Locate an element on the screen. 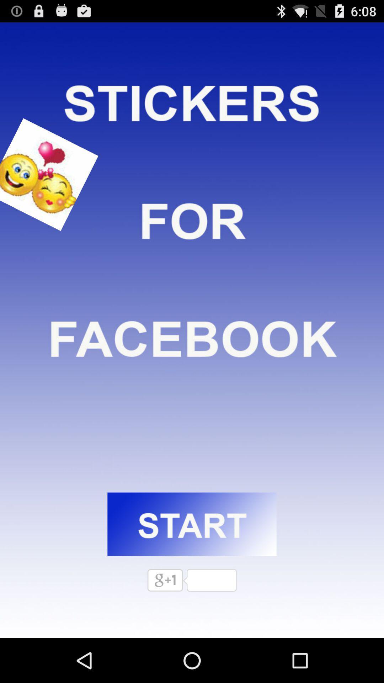  smile is located at coordinates (42, 174).